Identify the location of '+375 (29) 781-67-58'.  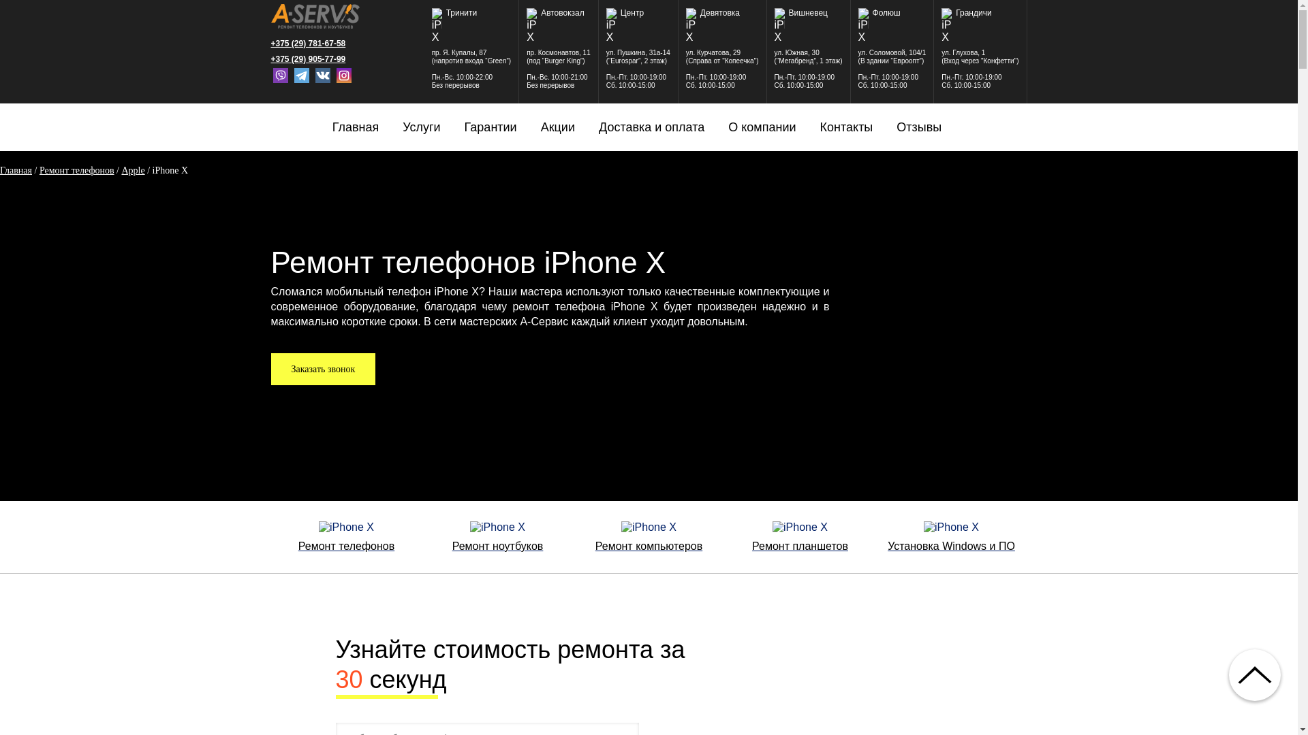
(314, 43).